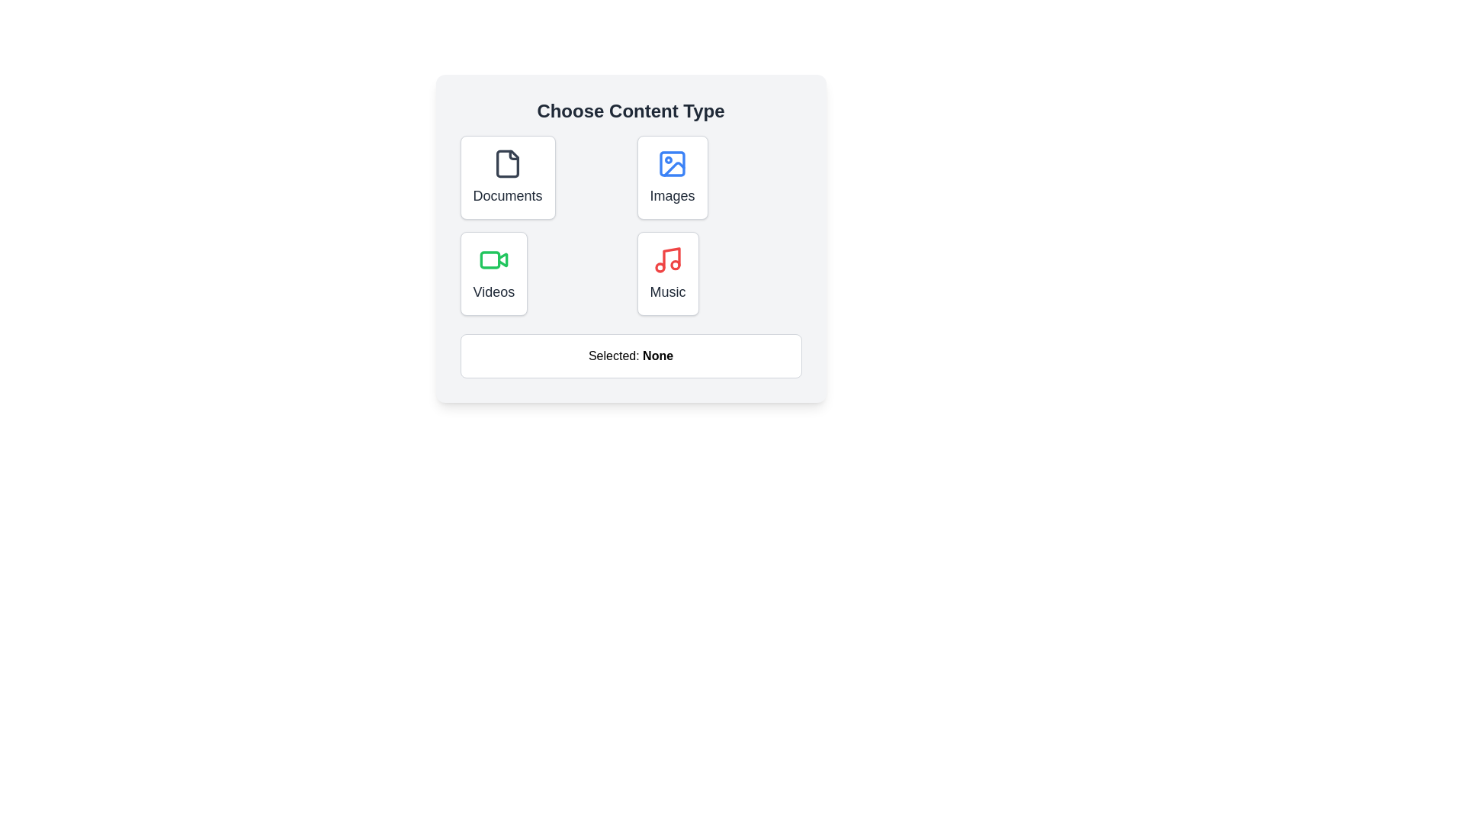 The image size is (1464, 824). I want to click on the content type Images to update the 'Selected' area, so click(672, 176).